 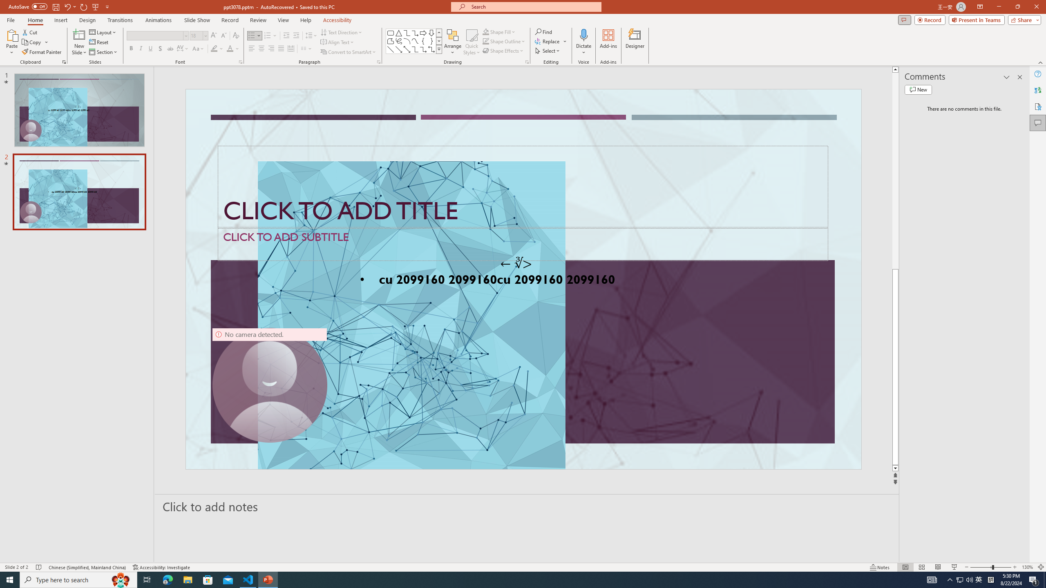 What do you see at coordinates (398, 33) in the screenshot?
I see `'Isosceles Triangle'` at bounding box center [398, 33].